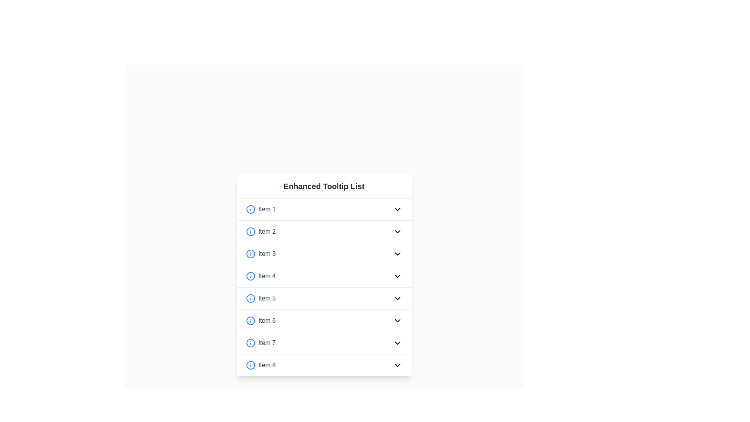  Describe the element at coordinates (250, 275) in the screenshot. I see `the blue circular SVG icon located to the left of the text 'Item 4' in the fourth row of the list` at that location.